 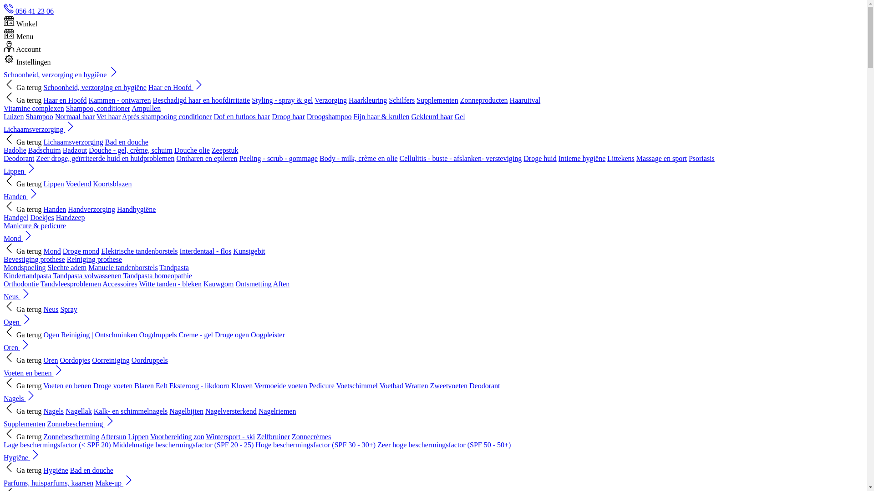 I want to click on 'Haar en Hoofd', so click(x=176, y=87).